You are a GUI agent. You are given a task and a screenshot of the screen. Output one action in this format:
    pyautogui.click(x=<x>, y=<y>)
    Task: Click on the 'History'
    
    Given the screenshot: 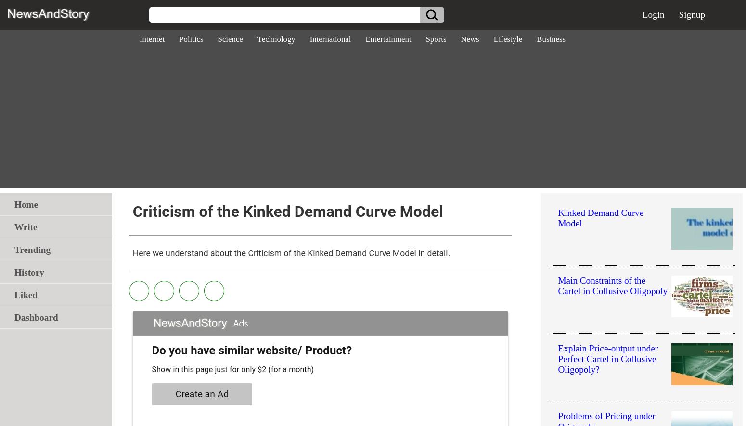 What is the action you would take?
    pyautogui.click(x=14, y=272)
    